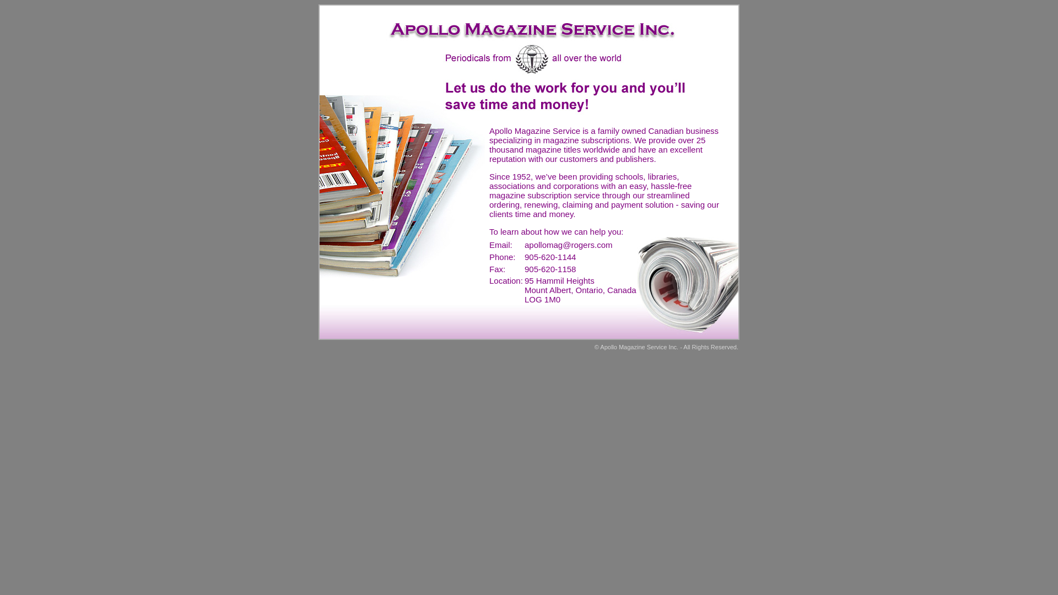  Describe the element at coordinates (523, 244) in the screenshot. I see `'apollomag@rogers.com'` at that location.